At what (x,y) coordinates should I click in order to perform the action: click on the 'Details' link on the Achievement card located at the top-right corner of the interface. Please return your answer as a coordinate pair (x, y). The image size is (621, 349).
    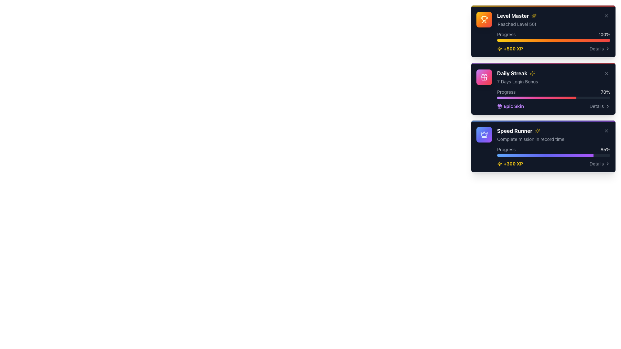
    Looking at the image, I should click on (543, 32).